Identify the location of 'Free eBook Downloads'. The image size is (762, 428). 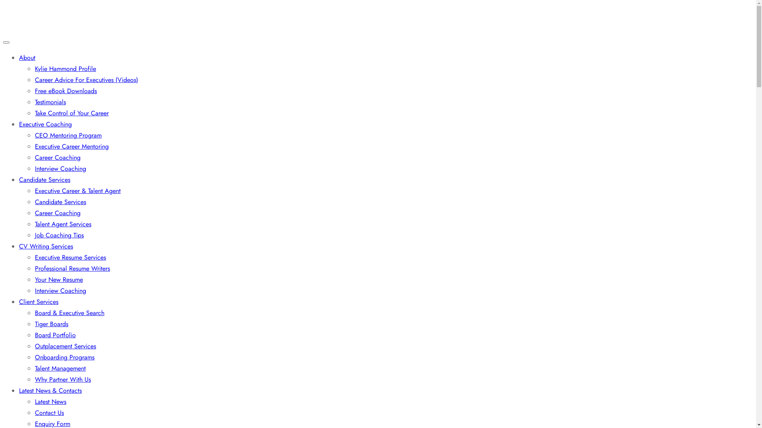
(66, 90).